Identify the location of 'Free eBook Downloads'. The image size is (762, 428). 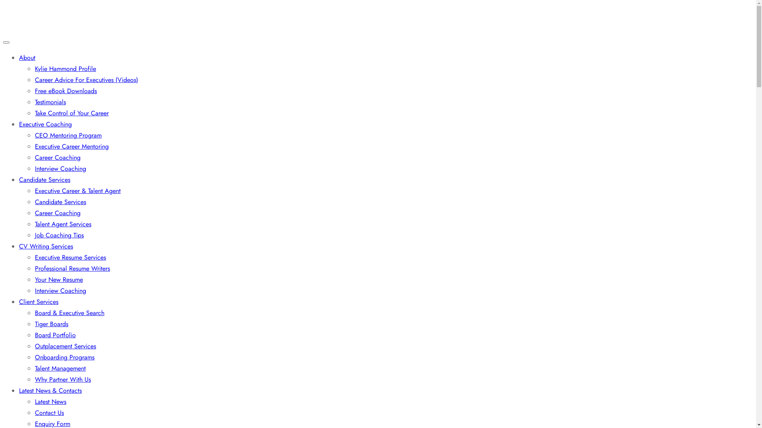
(66, 90).